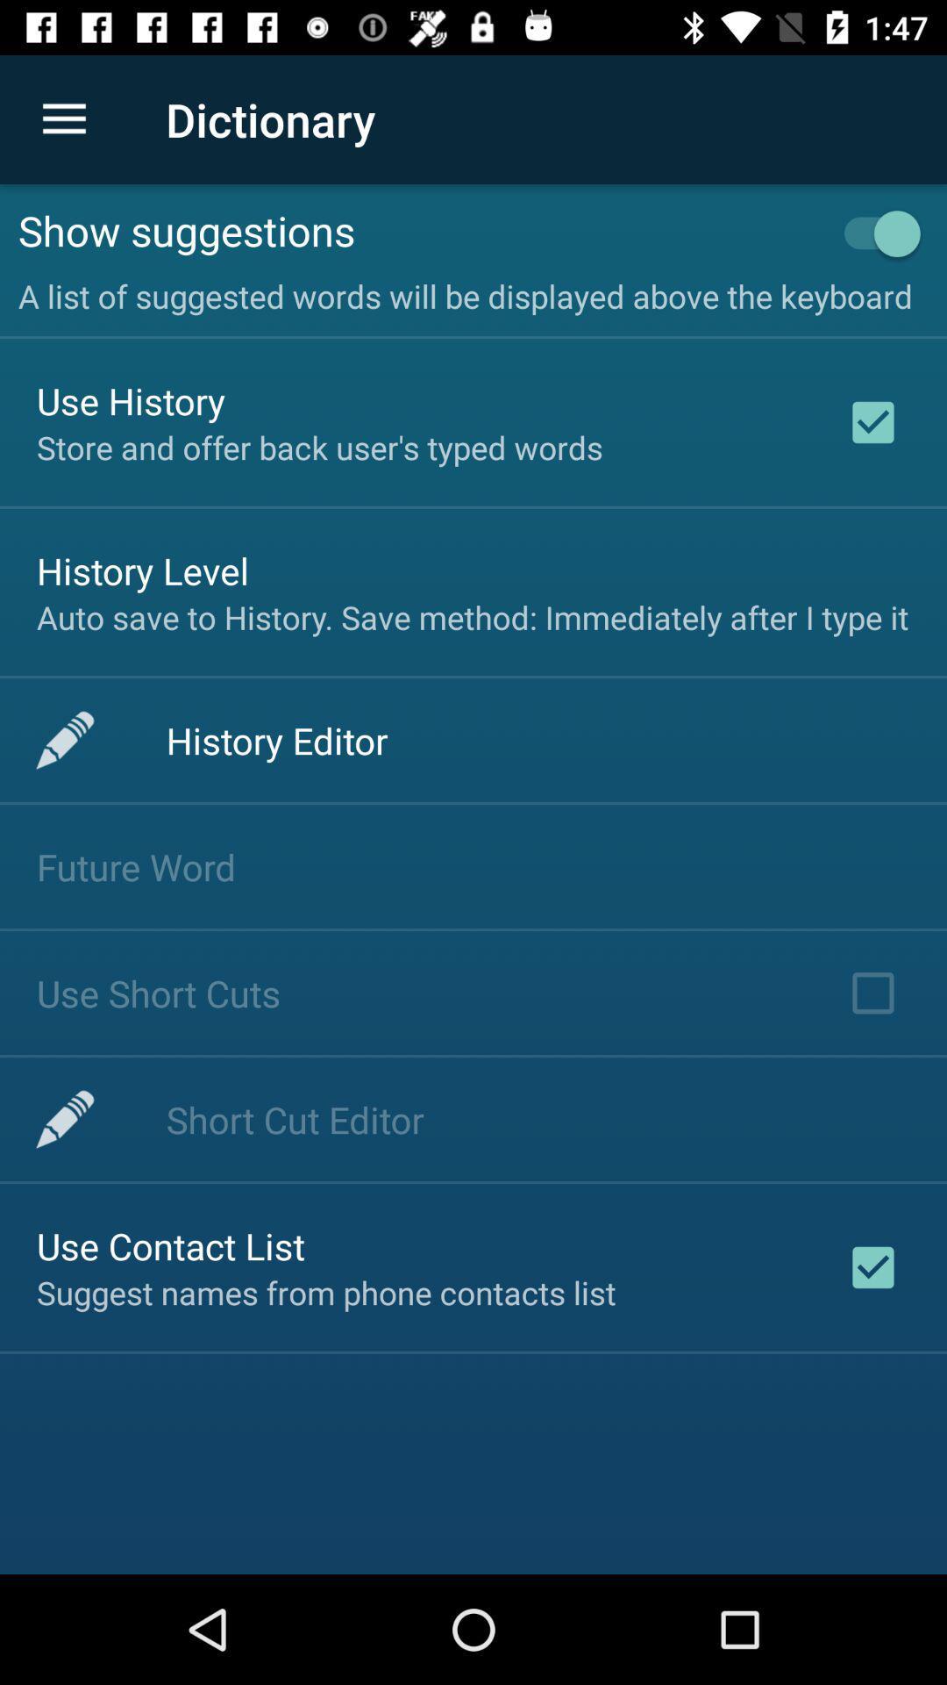 This screenshot has width=947, height=1685. What do you see at coordinates (418, 229) in the screenshot?
I see `icon above the a list of item` at bounding box center [418, 229].